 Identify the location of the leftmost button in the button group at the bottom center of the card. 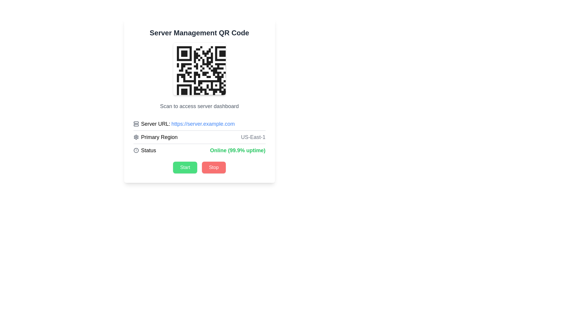
(185, 168).